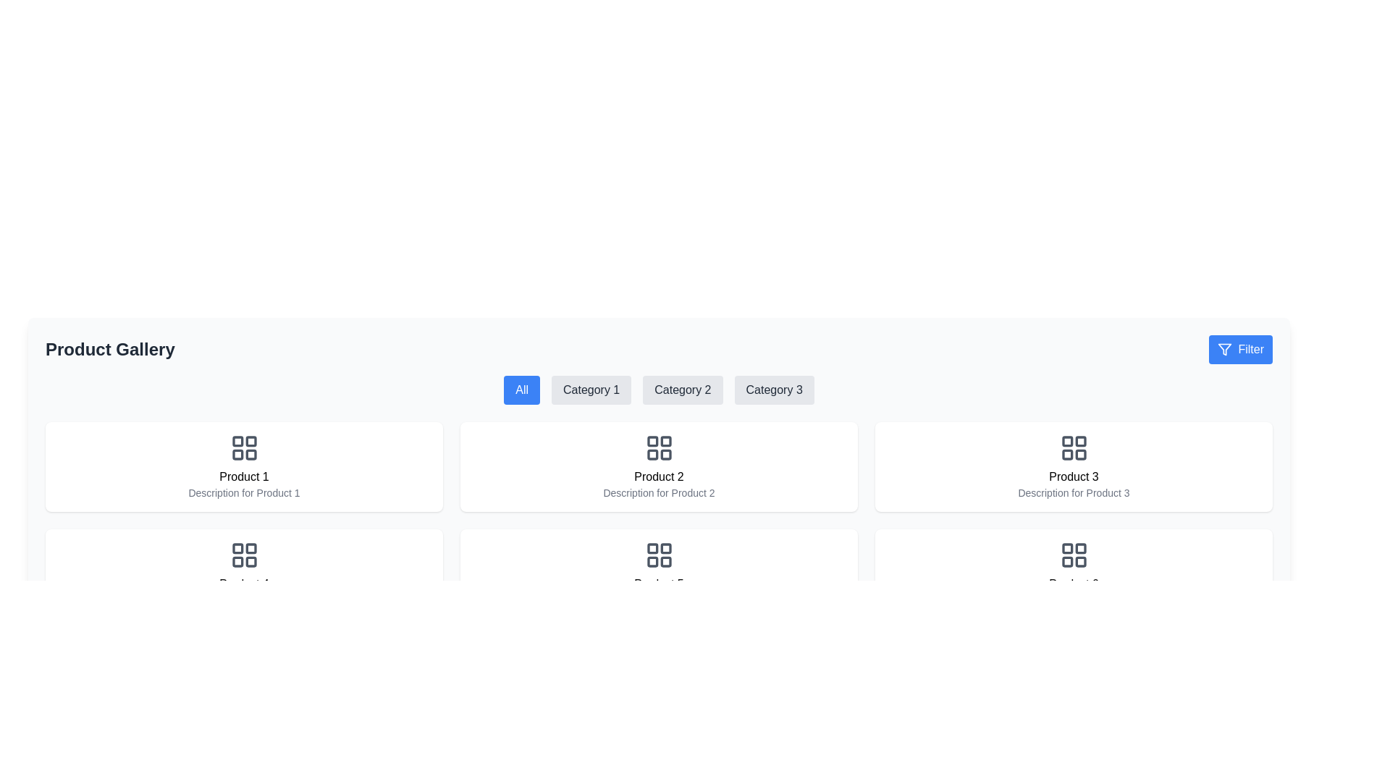 This screenshot has width=1390, height=782. Describe the element at coordinates (237, 560) in the screenshot. I see `the bottom-left square of the grid component in the SVG image` at that location.